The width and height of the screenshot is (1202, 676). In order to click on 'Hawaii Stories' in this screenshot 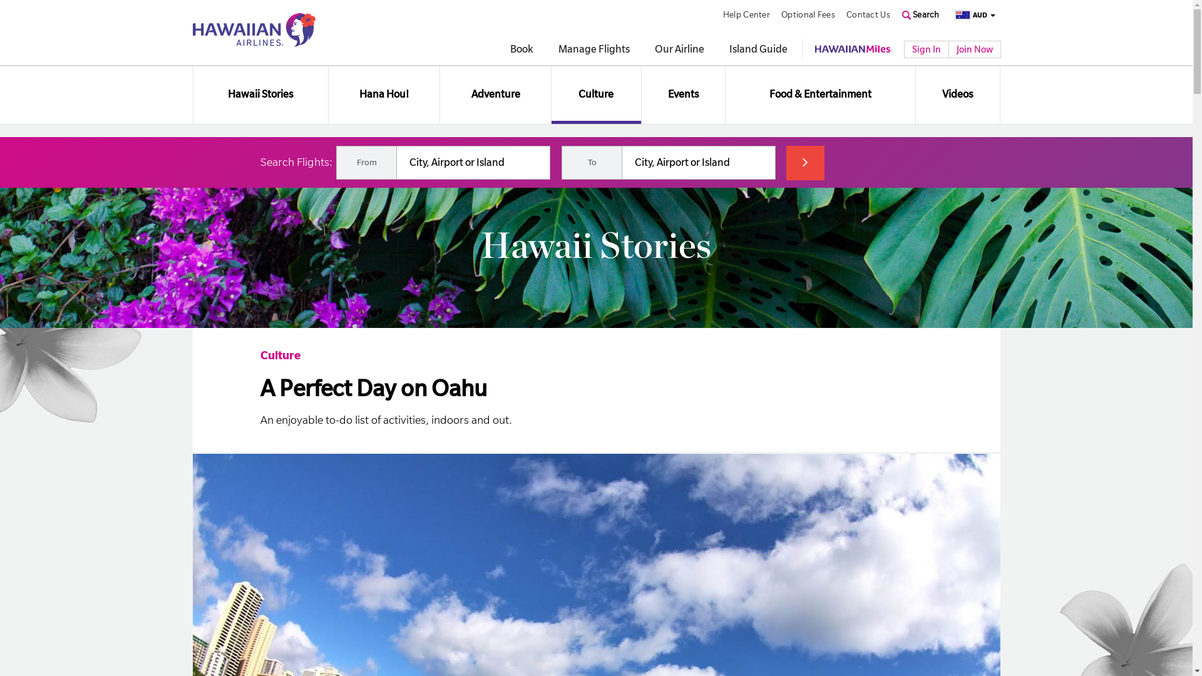, I will do `click(192, 94)`.